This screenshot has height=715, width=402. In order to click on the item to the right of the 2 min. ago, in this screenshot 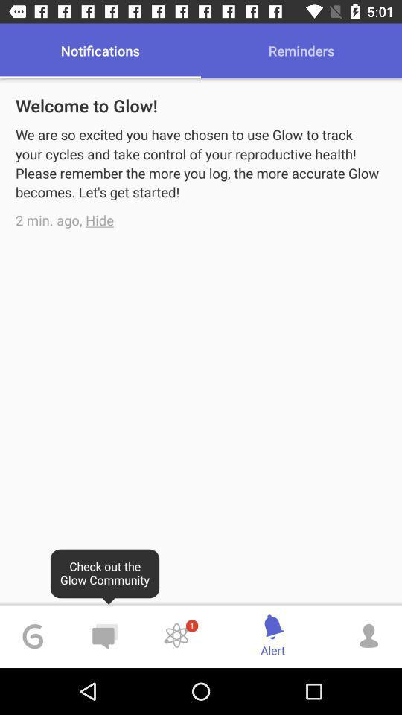, I will do `click(100, 219)`.